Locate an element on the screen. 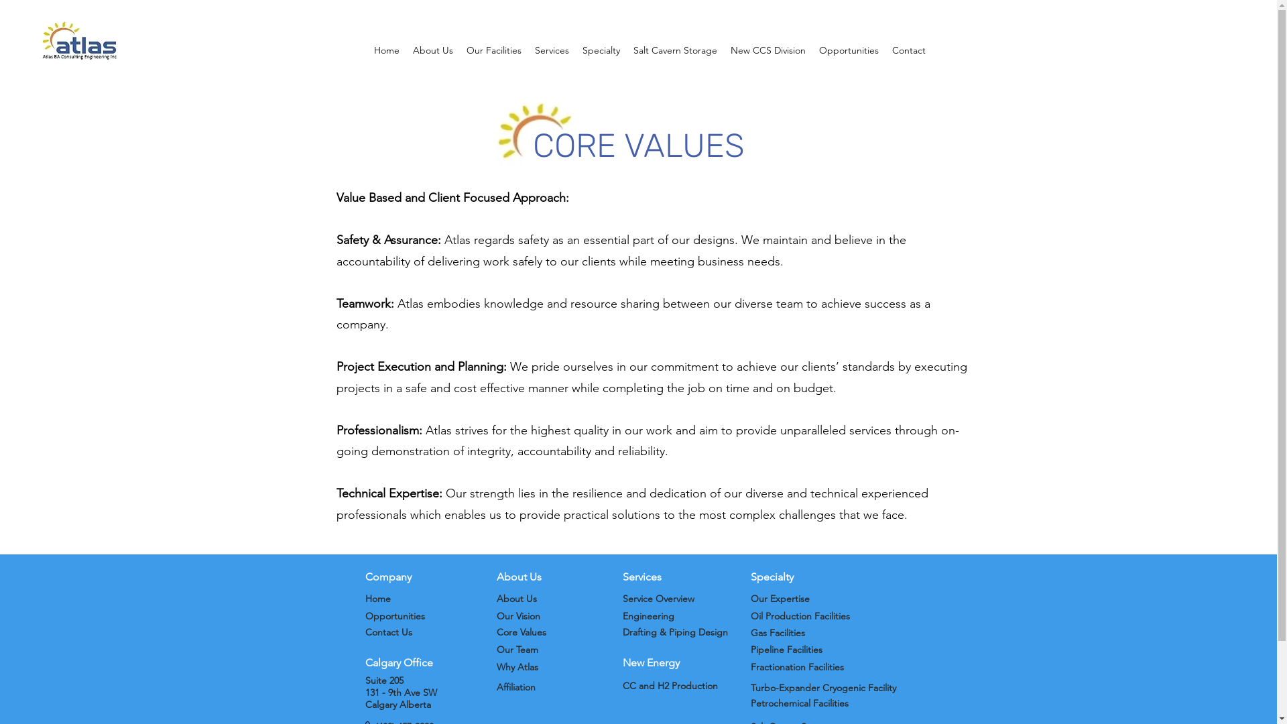 Image resolution: width=1287 pixels, height=724 pixels. 'Contact Us' is located at coordinates (387, 631).